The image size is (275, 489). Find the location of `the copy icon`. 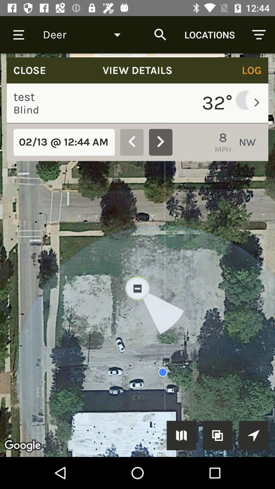

the copy icon is located at coordinates (217, 435).